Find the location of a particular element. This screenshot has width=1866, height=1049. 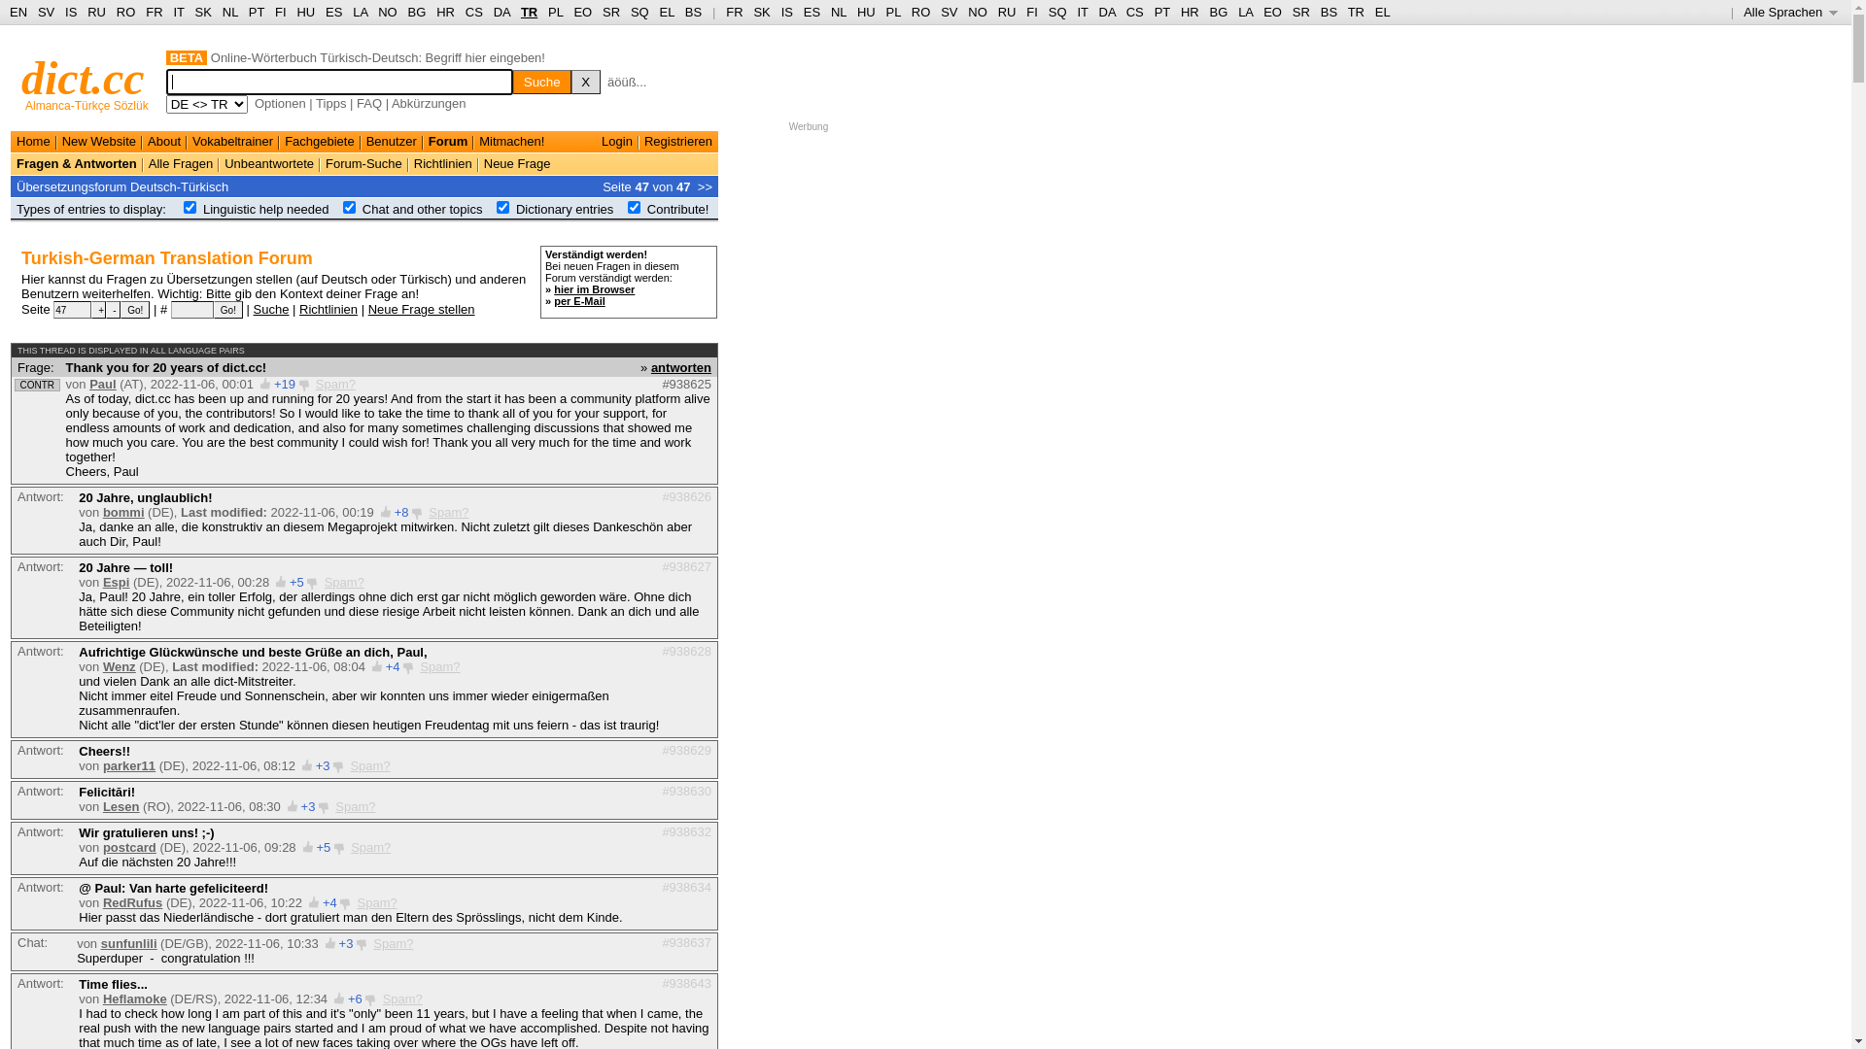

'SR' is located at coordinates (1301, 12).